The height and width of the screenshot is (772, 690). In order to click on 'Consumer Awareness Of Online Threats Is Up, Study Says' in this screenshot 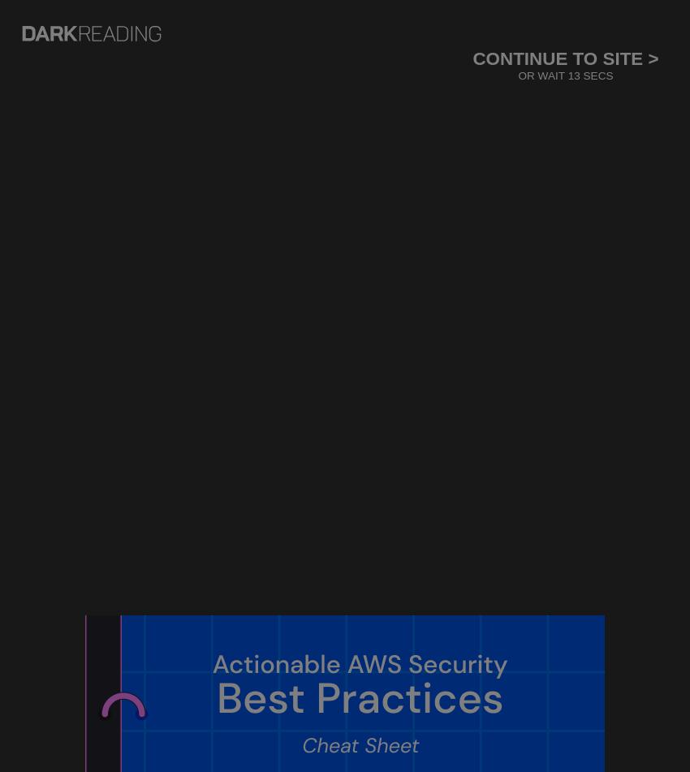, I will do `click(342, 339)`.